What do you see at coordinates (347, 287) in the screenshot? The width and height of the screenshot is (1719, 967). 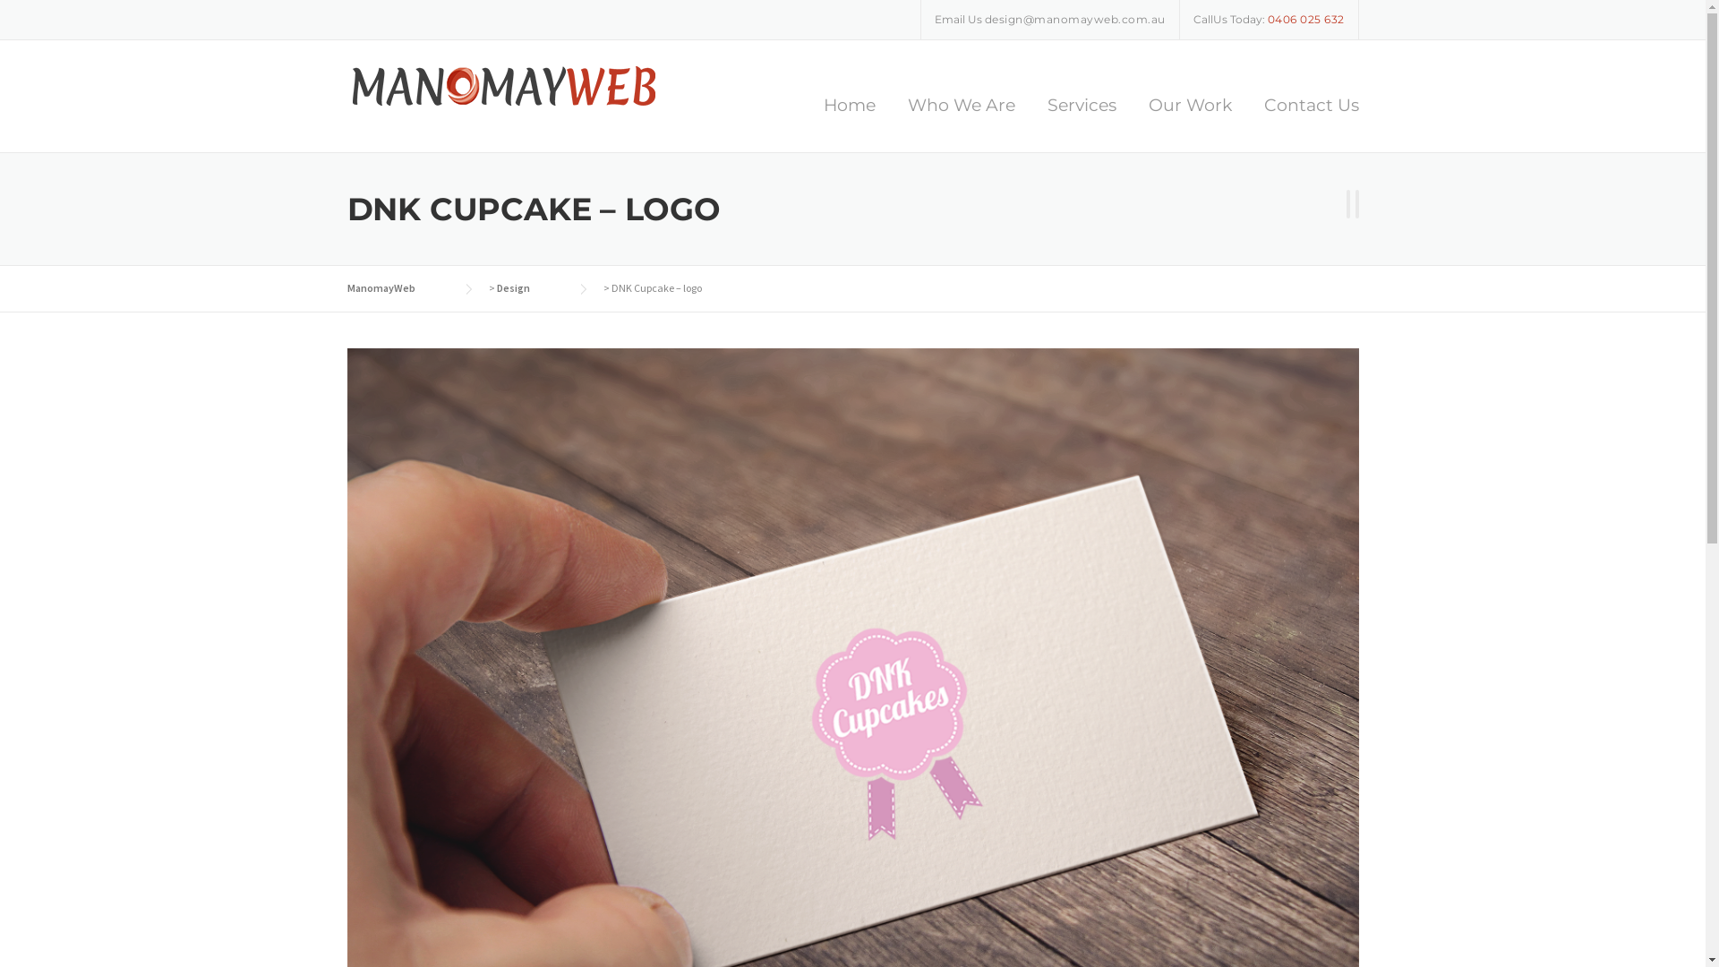 I see `'ManomayWeb'` at bounding box center [347, 287].